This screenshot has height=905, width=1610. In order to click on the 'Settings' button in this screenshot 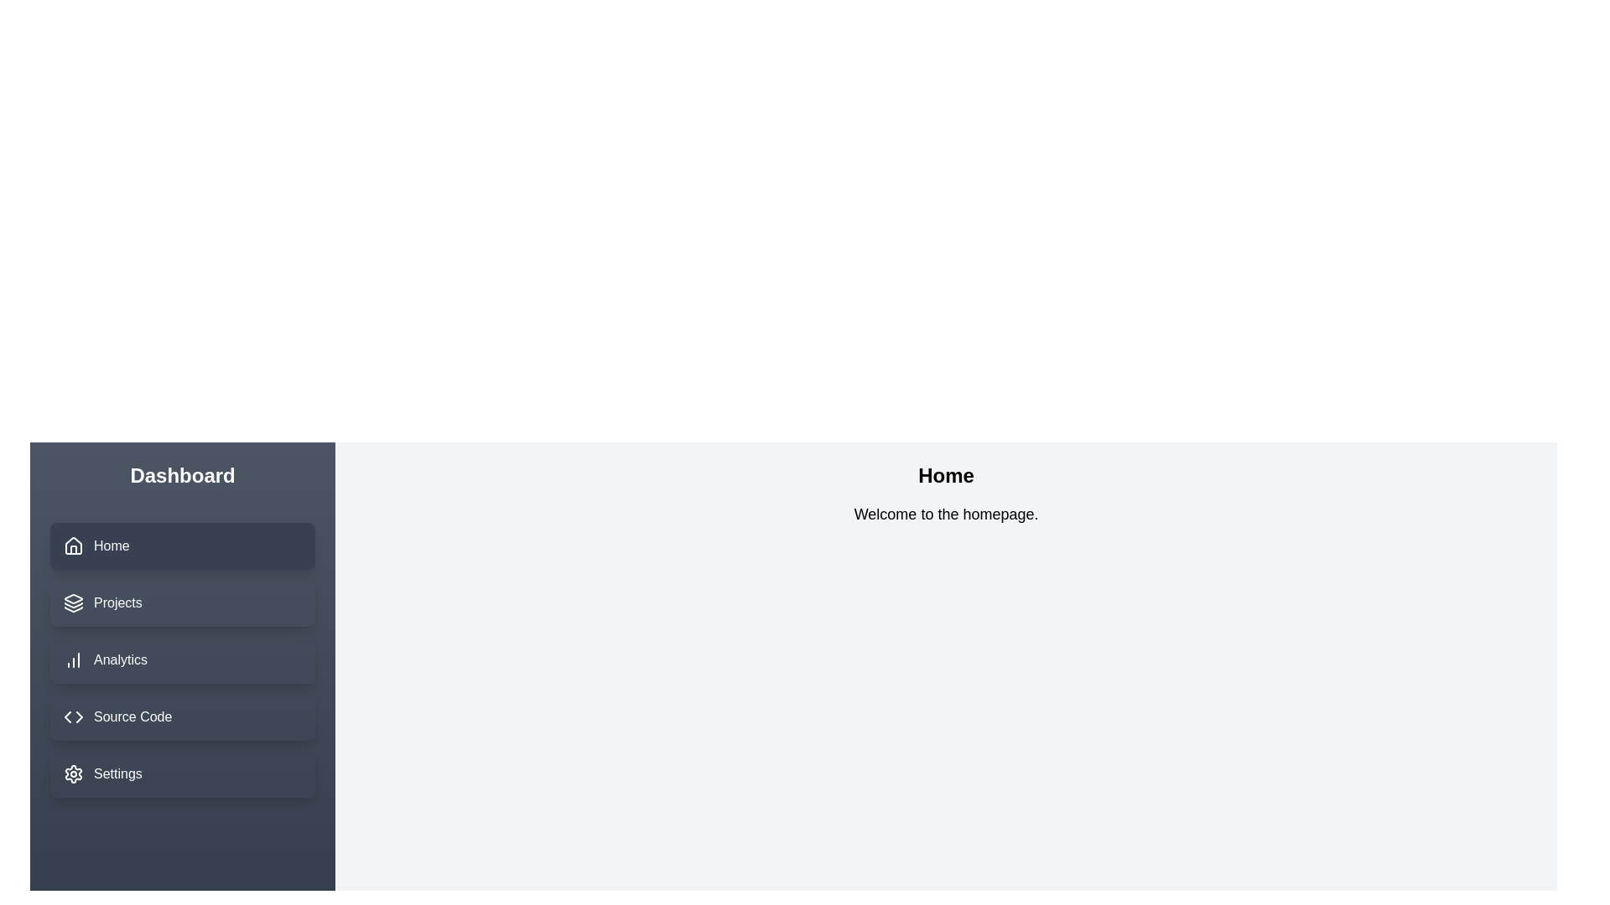, I will do `click(183, 774)`.